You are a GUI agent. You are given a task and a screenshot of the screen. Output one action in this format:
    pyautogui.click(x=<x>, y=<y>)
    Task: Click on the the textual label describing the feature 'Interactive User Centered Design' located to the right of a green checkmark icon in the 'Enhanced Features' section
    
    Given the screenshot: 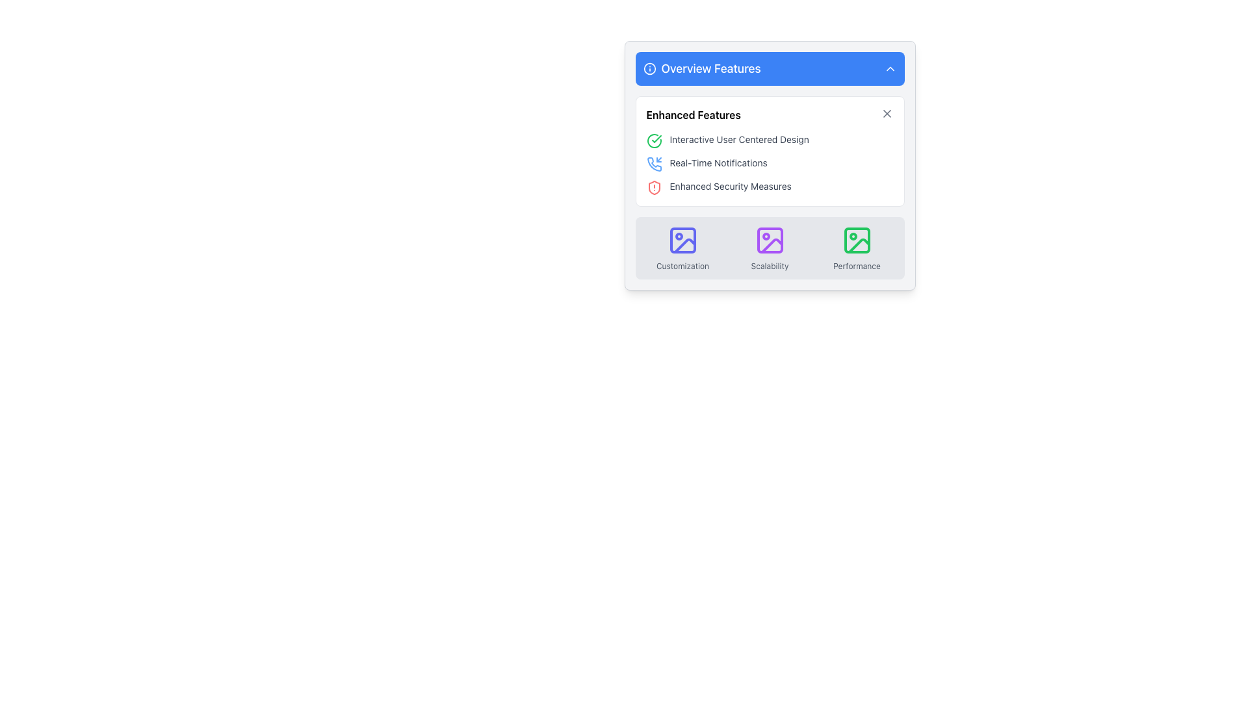 What is the action you would take?
    pyautogui.click(x=739, y=140)
    